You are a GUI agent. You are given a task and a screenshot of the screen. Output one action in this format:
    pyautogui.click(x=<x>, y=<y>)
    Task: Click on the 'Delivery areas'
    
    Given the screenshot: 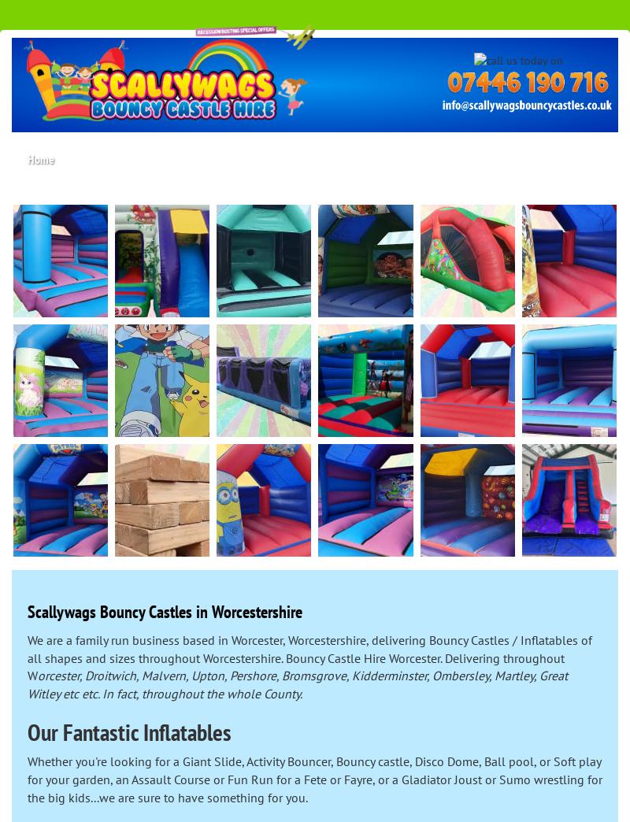 What is the action you would take?
    pyautogui.click(x=213, y=167)
    